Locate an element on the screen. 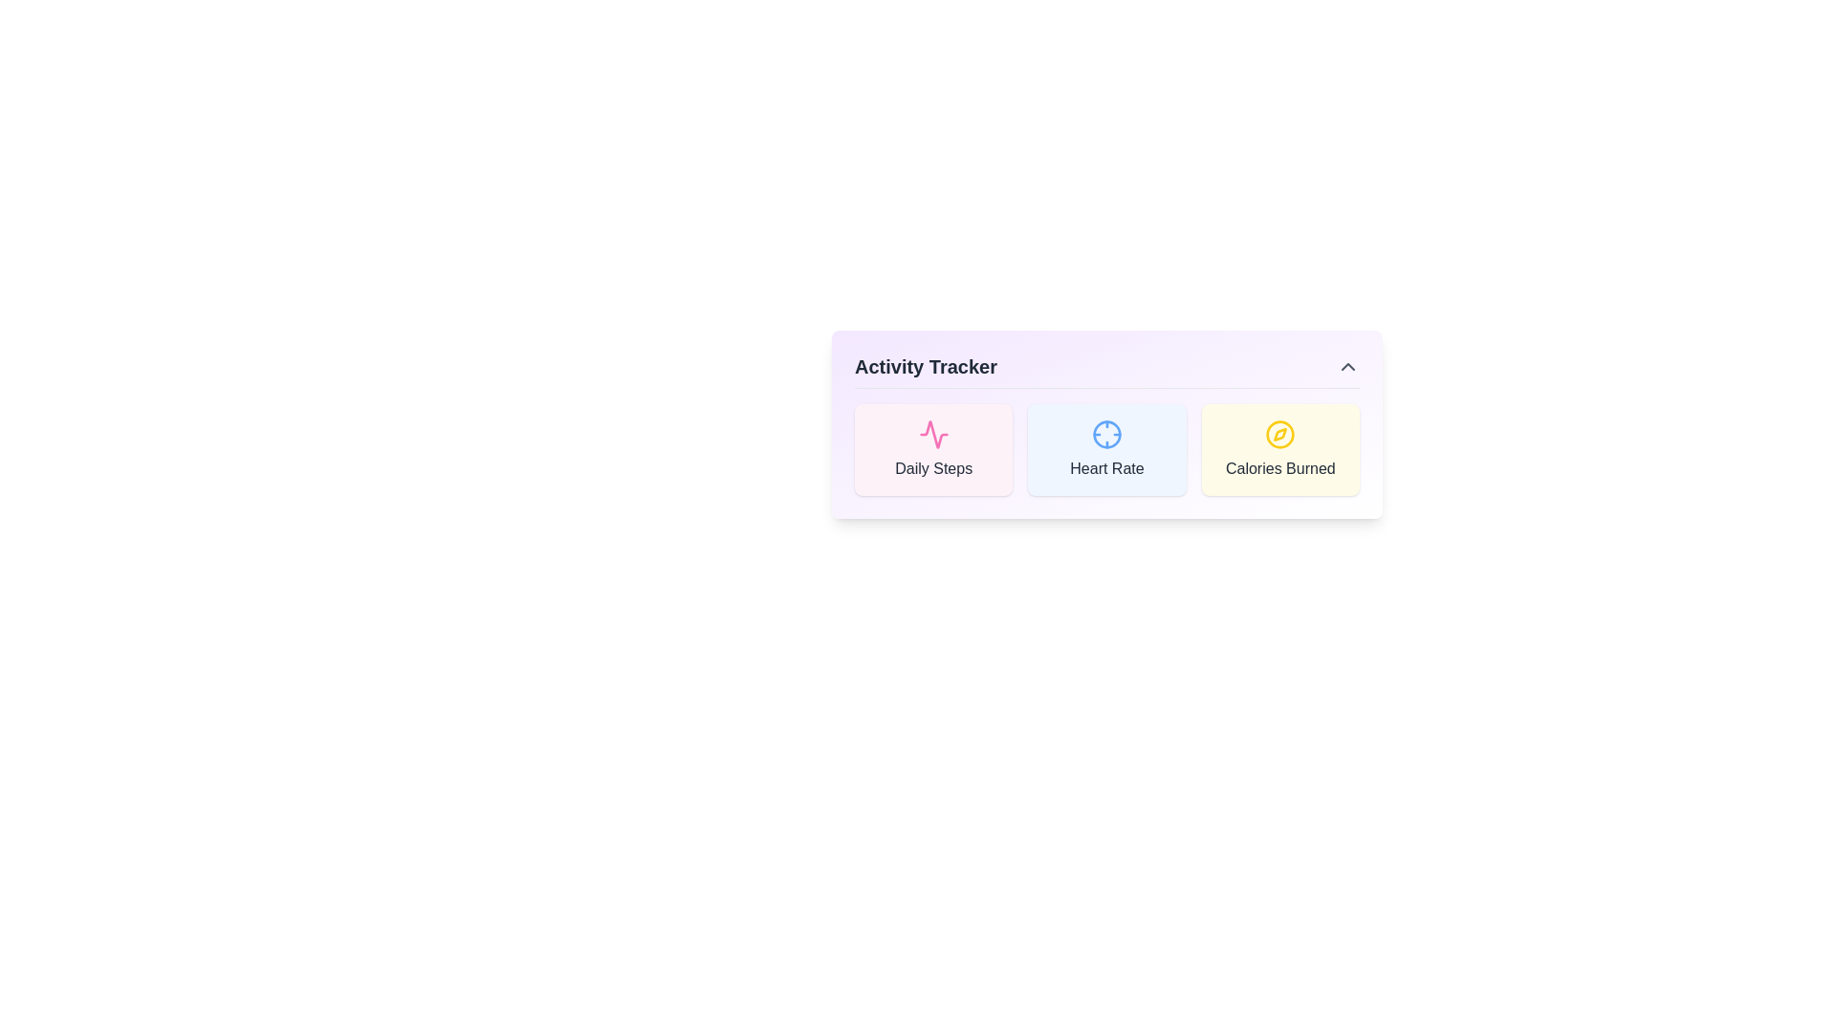  the crosshair icon representing target-related functionality, located under the 'Heart Rate' label in the 'Activity Tracker' interface is located at coordinates (1106, 435).